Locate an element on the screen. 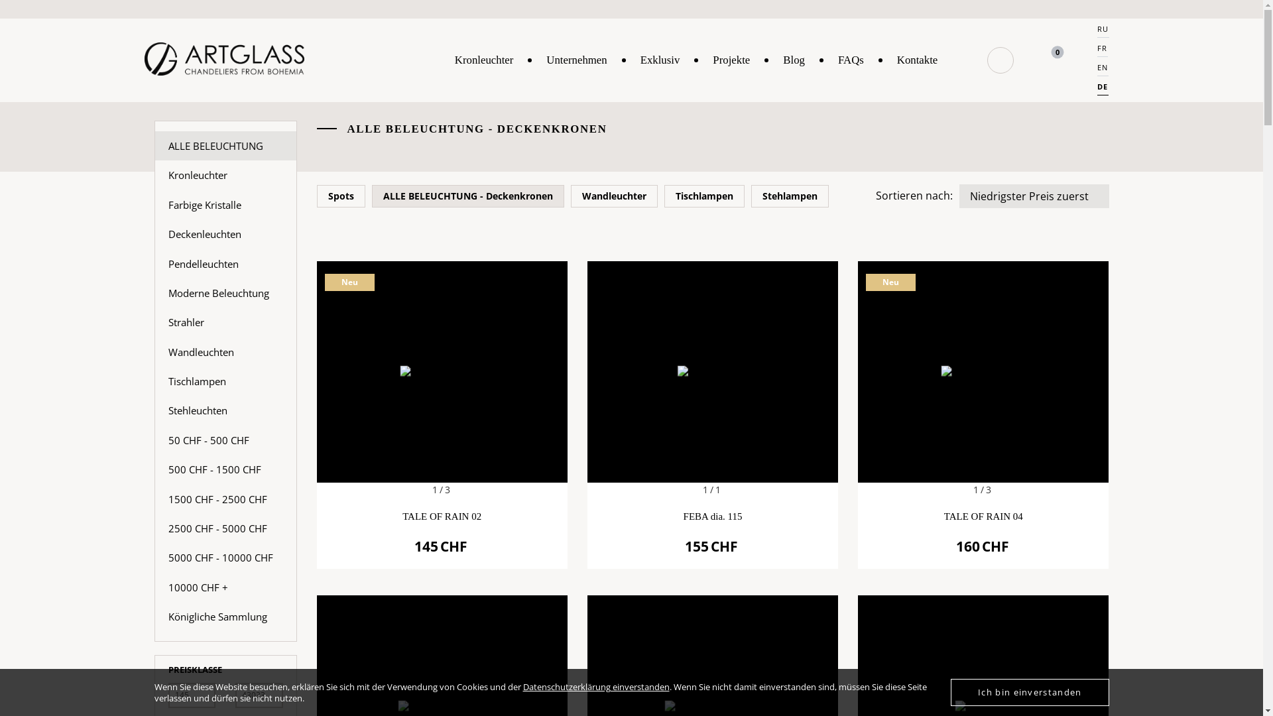 Image resolution: width=1273 pixels, height=716 pixels. 'FAQs' is located at coordinates (851, 60).